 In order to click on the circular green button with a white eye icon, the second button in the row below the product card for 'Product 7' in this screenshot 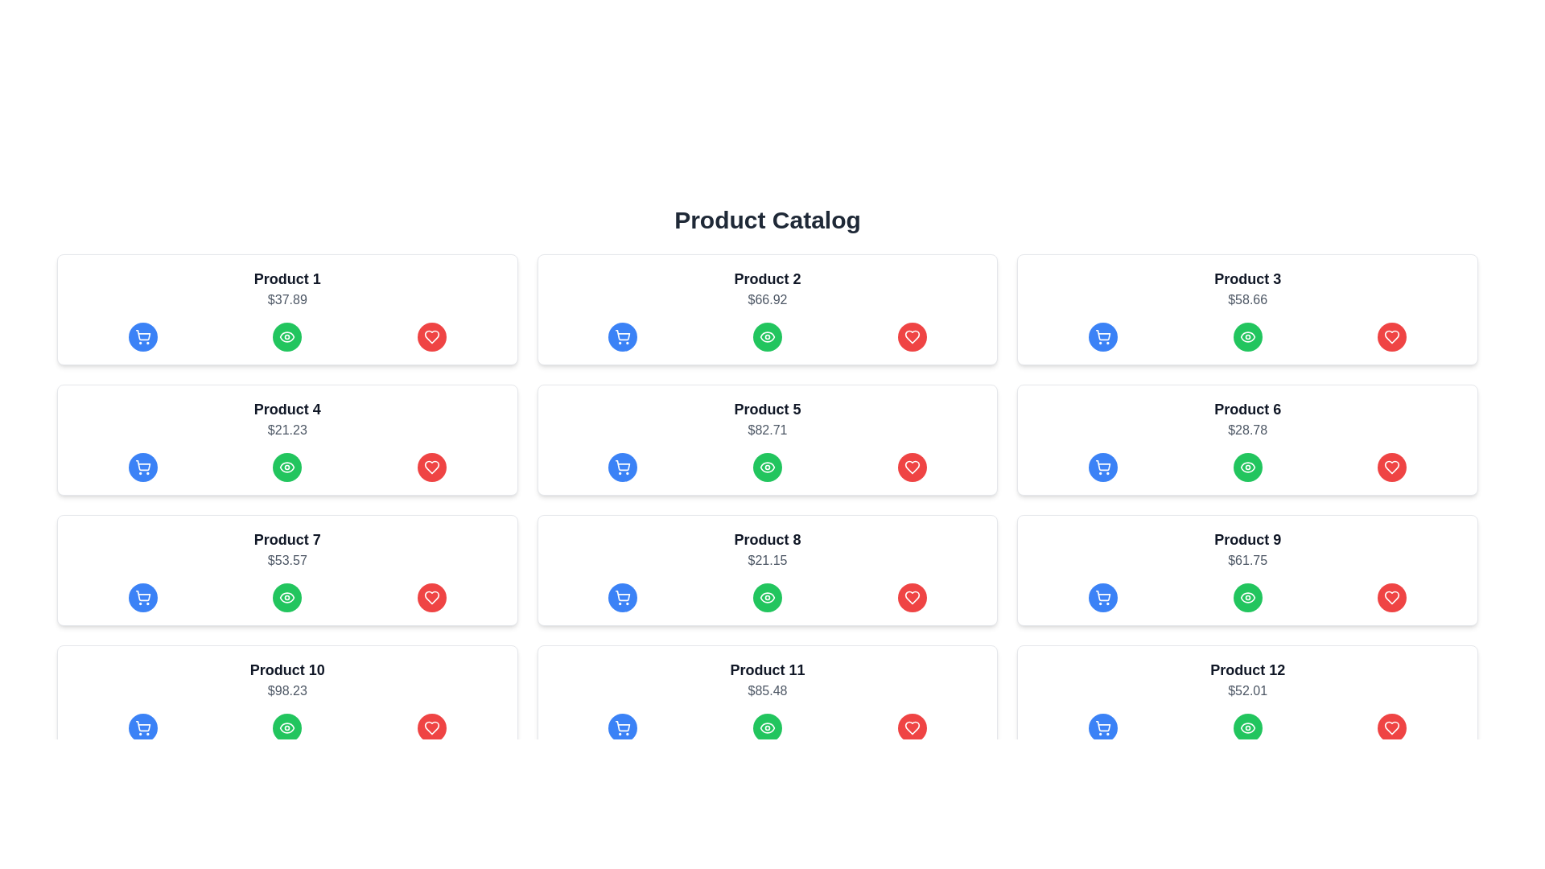, I will do `click(287, 598)`.